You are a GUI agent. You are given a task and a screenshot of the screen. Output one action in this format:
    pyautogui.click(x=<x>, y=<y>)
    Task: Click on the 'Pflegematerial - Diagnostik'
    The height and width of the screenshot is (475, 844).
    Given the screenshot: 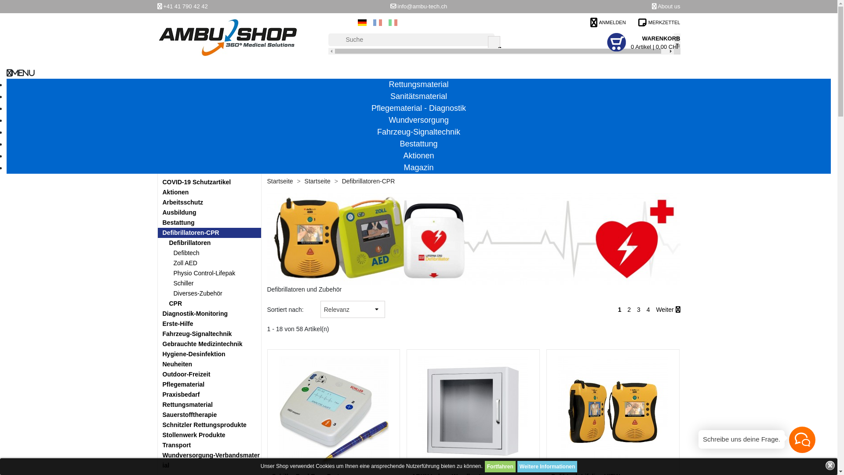 What is the action you would take?
    pyautogui.click(x=371, y=108)
    